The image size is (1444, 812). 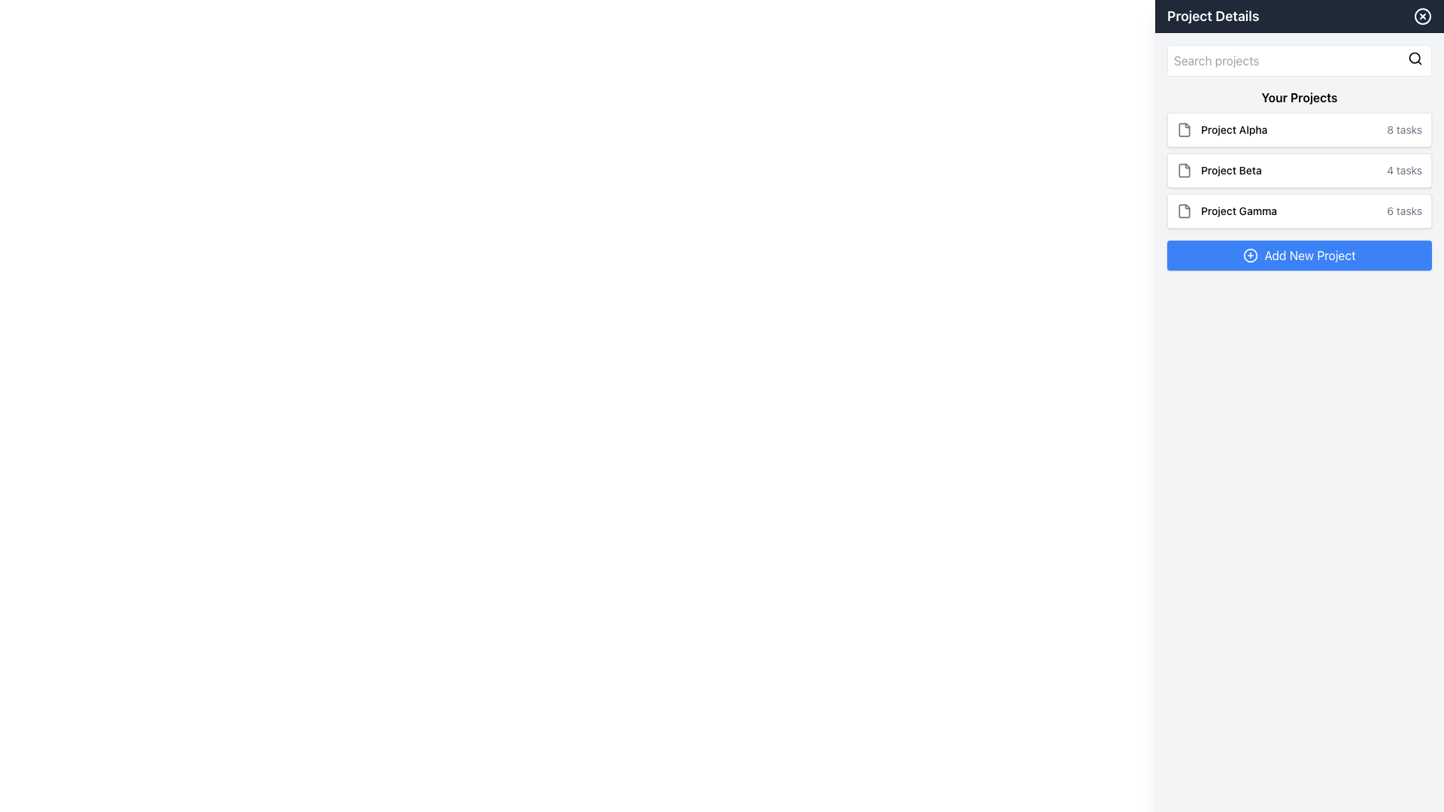 I want to click on the blue rectangular button labeled 'Add New Project' with a white outlined '+' icon to change its background color, so click(x=1299, y=254).